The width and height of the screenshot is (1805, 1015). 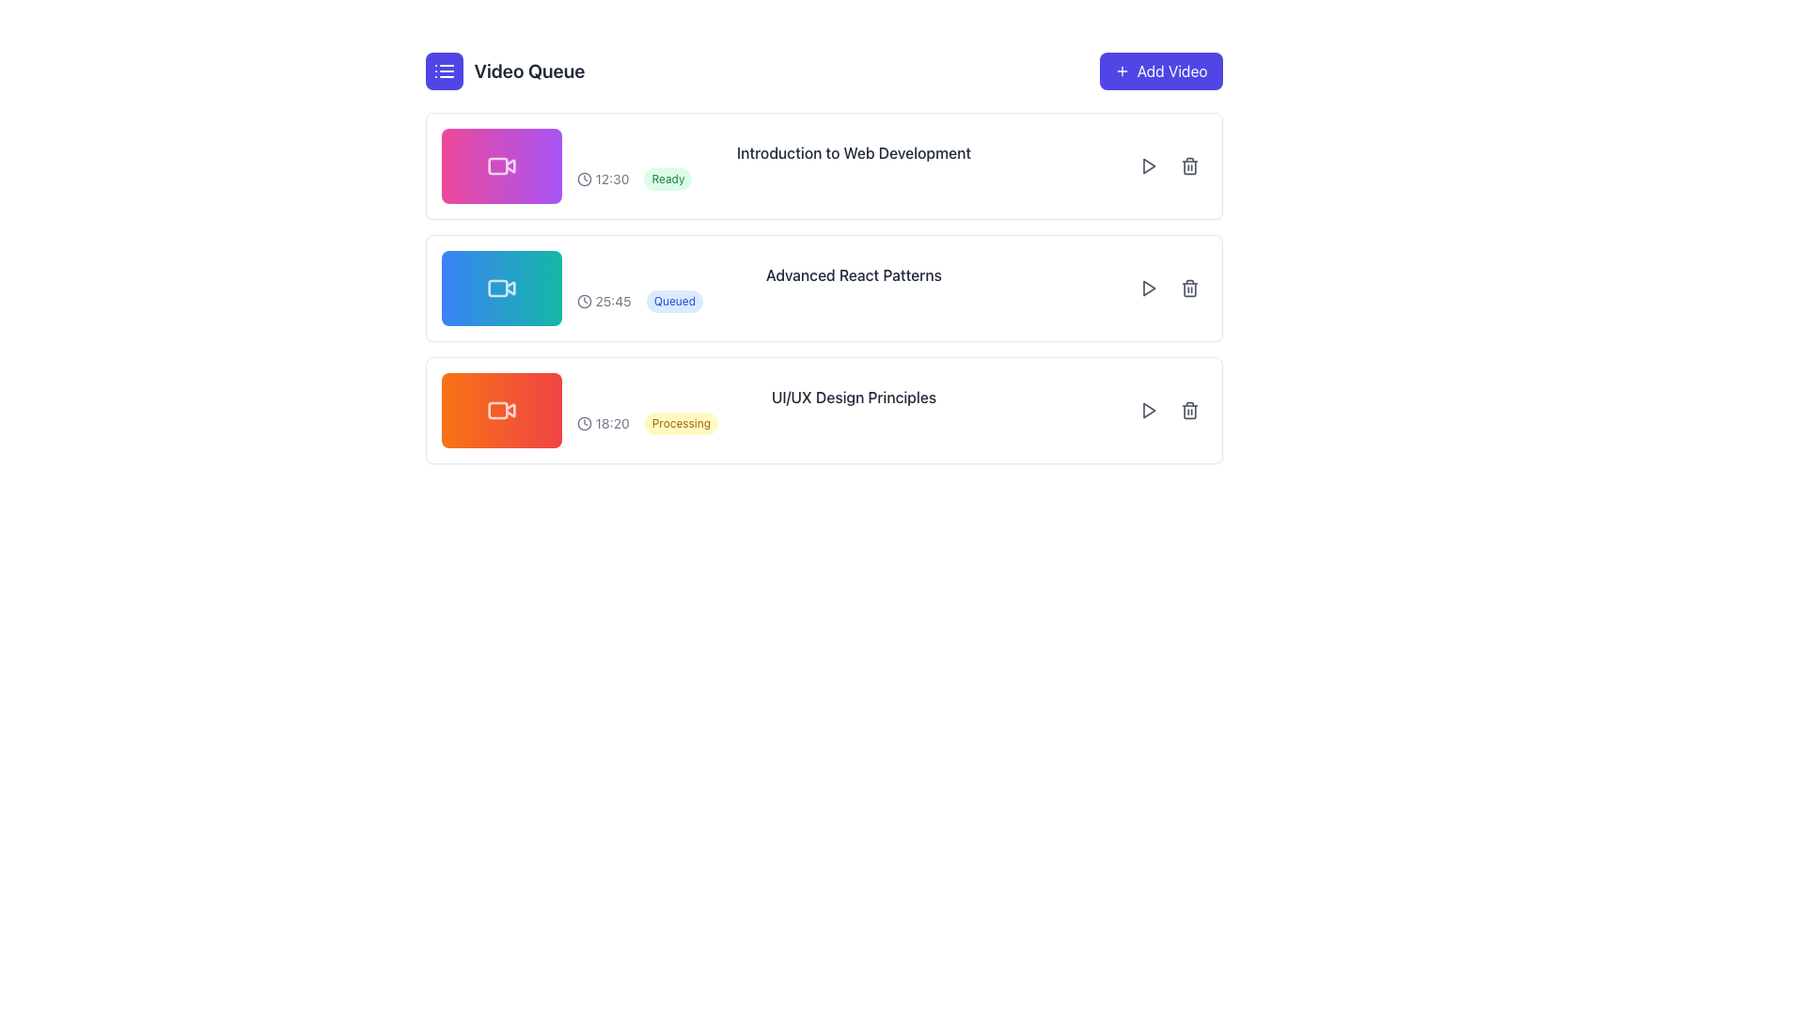 What do you see at coordinates (583, 180) in the screenshot?
I see `the outer circle of the clock icon next to the time duration '12:30' in the first video entry titled 'Introduction to Web Development'` at bounding box center [583, 180].